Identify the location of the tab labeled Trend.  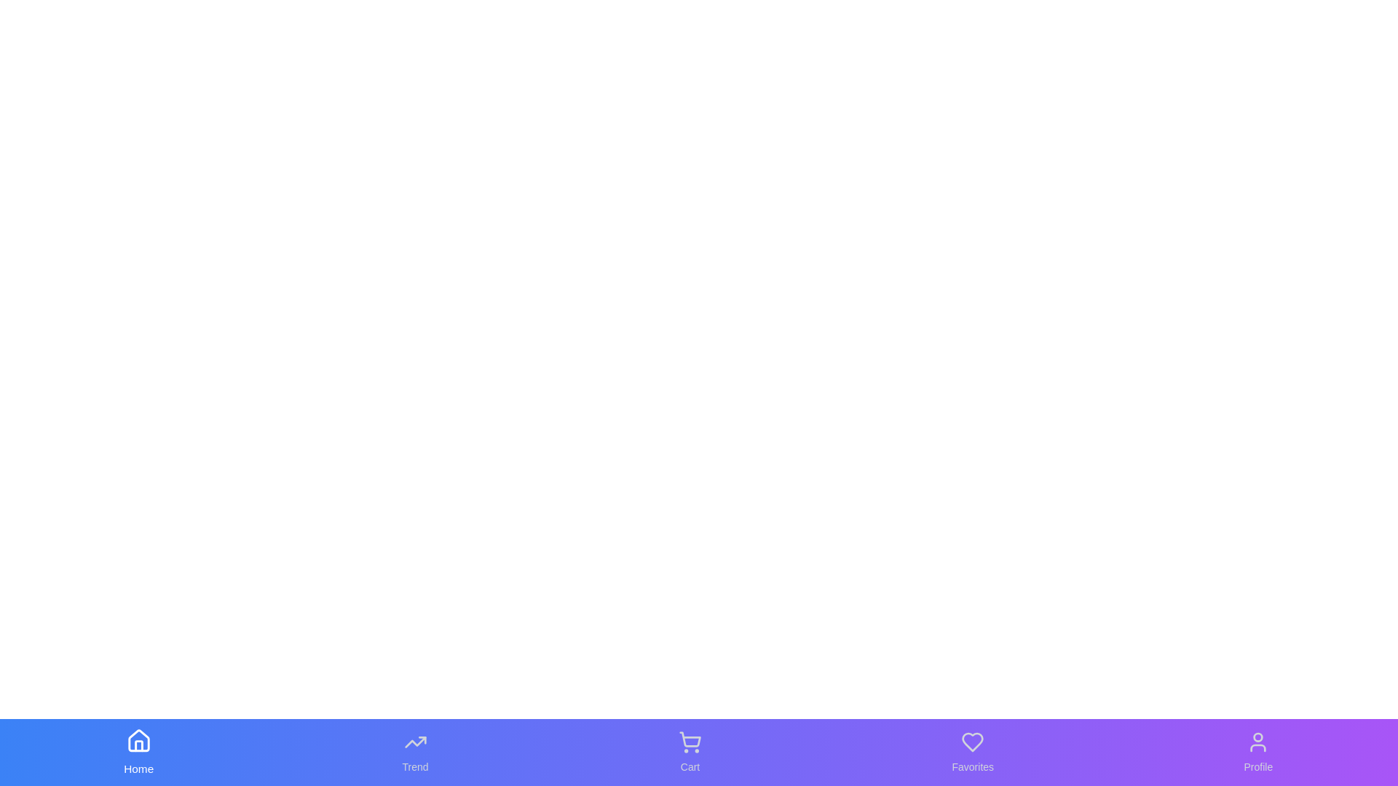
(414, 752).